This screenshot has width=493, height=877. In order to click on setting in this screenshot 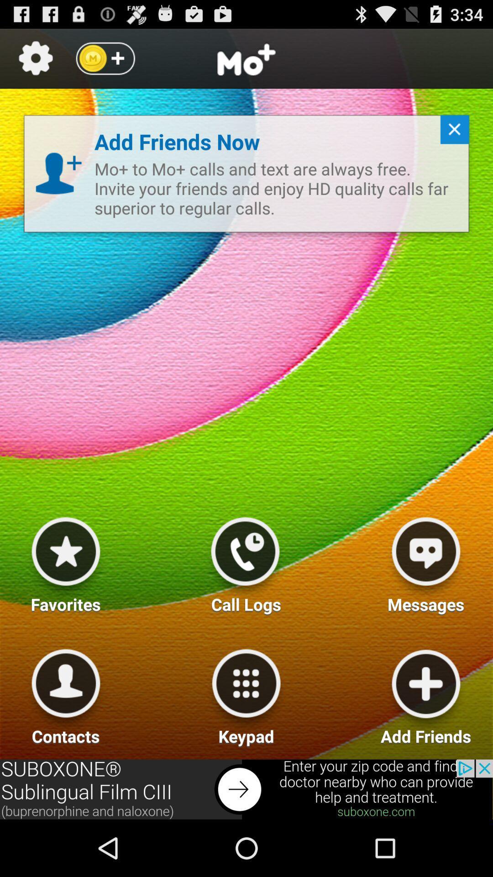, I will do `click(35, 58)`.